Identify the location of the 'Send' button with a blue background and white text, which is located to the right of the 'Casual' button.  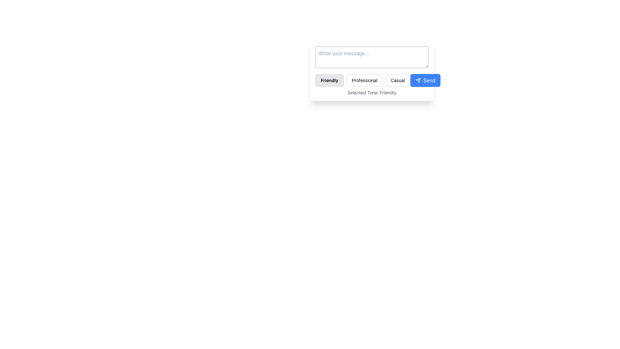
(425, 80).